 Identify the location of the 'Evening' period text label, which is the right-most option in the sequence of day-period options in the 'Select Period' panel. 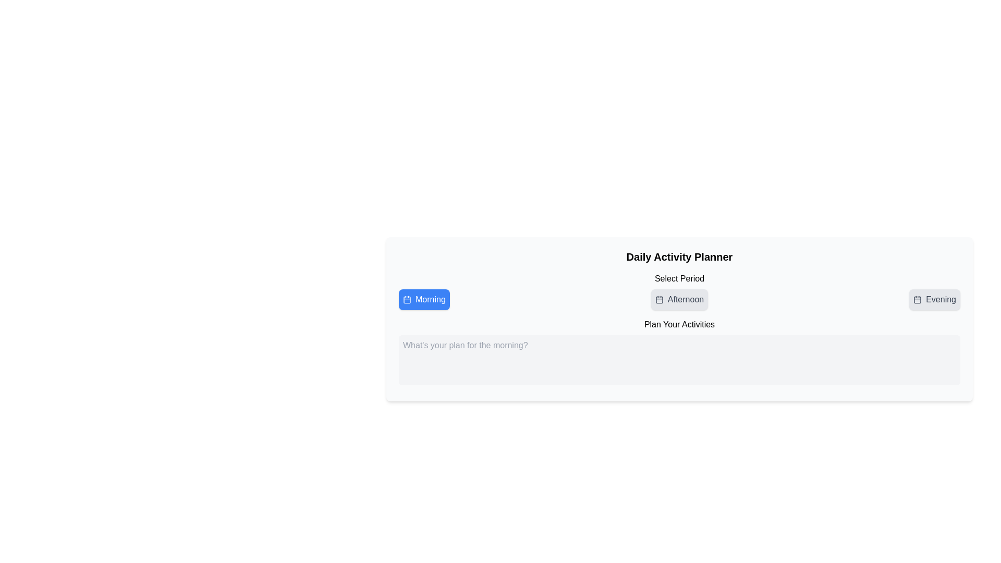
(941, 299).